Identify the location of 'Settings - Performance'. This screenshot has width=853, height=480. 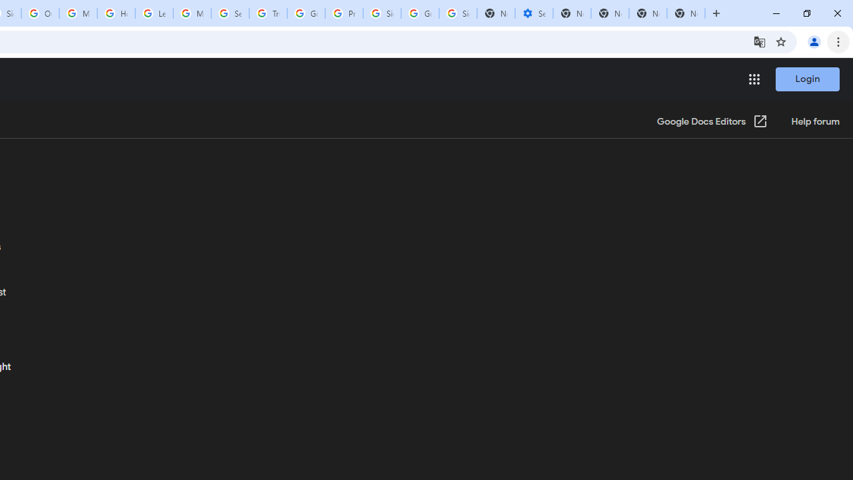
(534, 13).